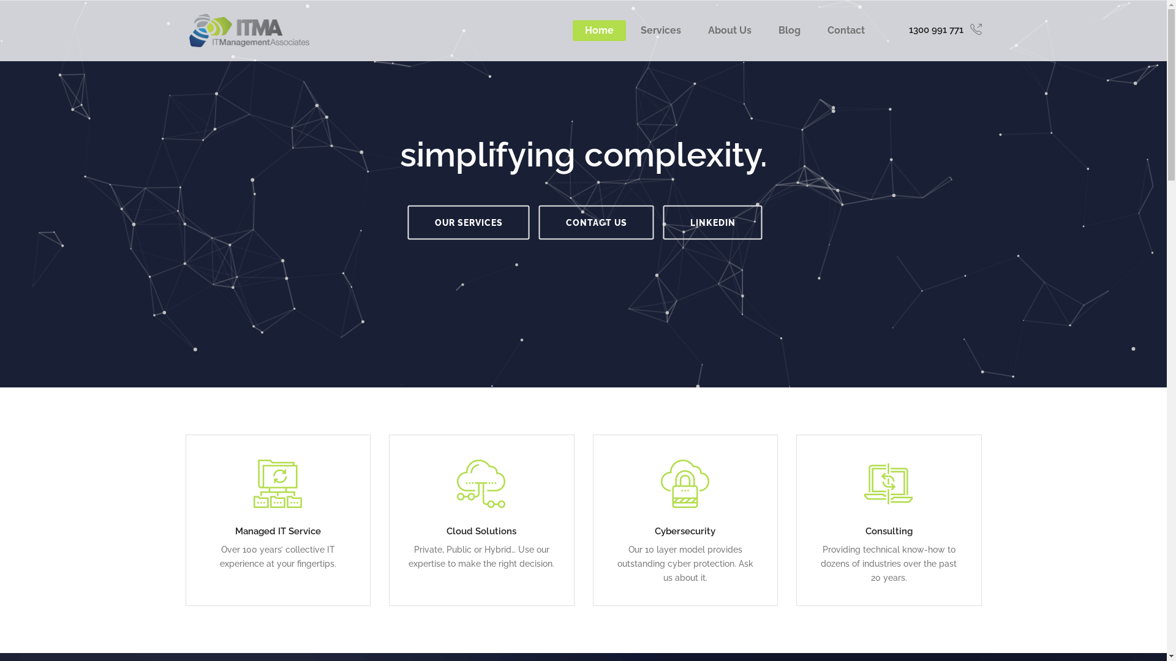 This screenshot has width=1176, height=661. Describe the element at coordinates (788, 30) in the screenshot. I see `'Blog'` at that location.